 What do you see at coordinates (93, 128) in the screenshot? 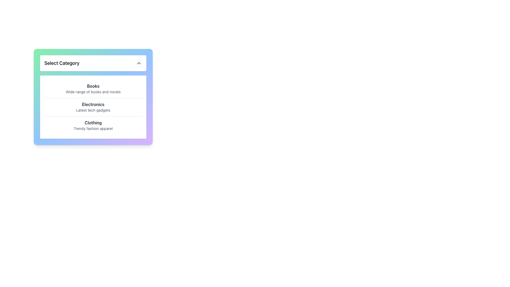
I see `the descriptive subtitle for the 'Clothing' category in the dropdown menu, which is positioned directly beneath the 'Clothing' label` at bounding box center [93, 128].